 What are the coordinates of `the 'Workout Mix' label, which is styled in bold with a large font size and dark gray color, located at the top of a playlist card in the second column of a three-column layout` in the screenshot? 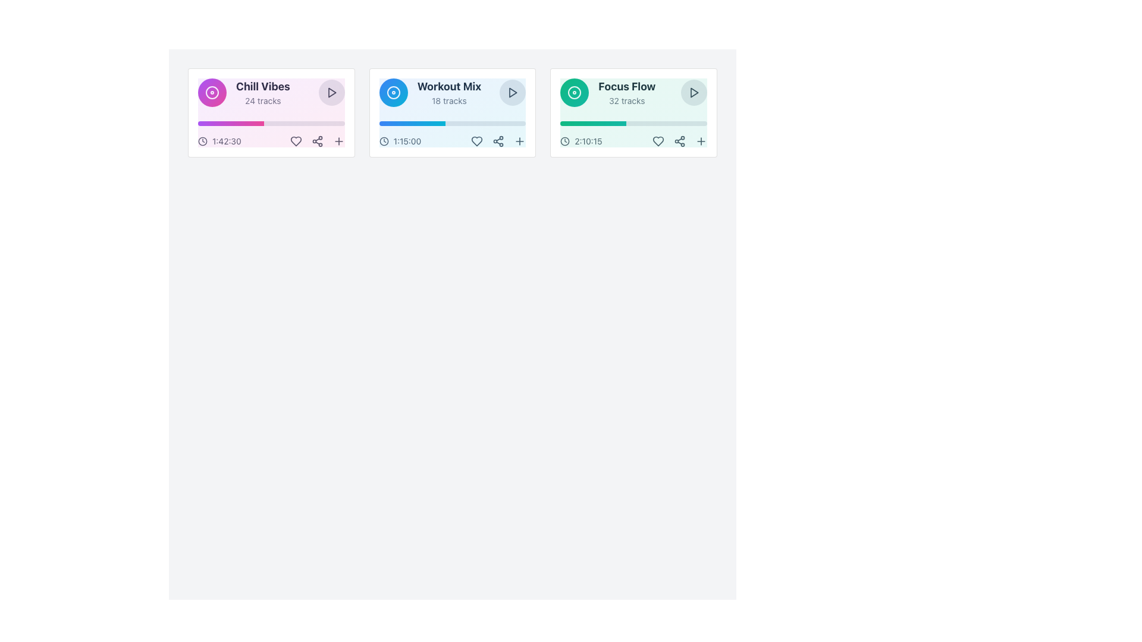 It's located at (448, 86).